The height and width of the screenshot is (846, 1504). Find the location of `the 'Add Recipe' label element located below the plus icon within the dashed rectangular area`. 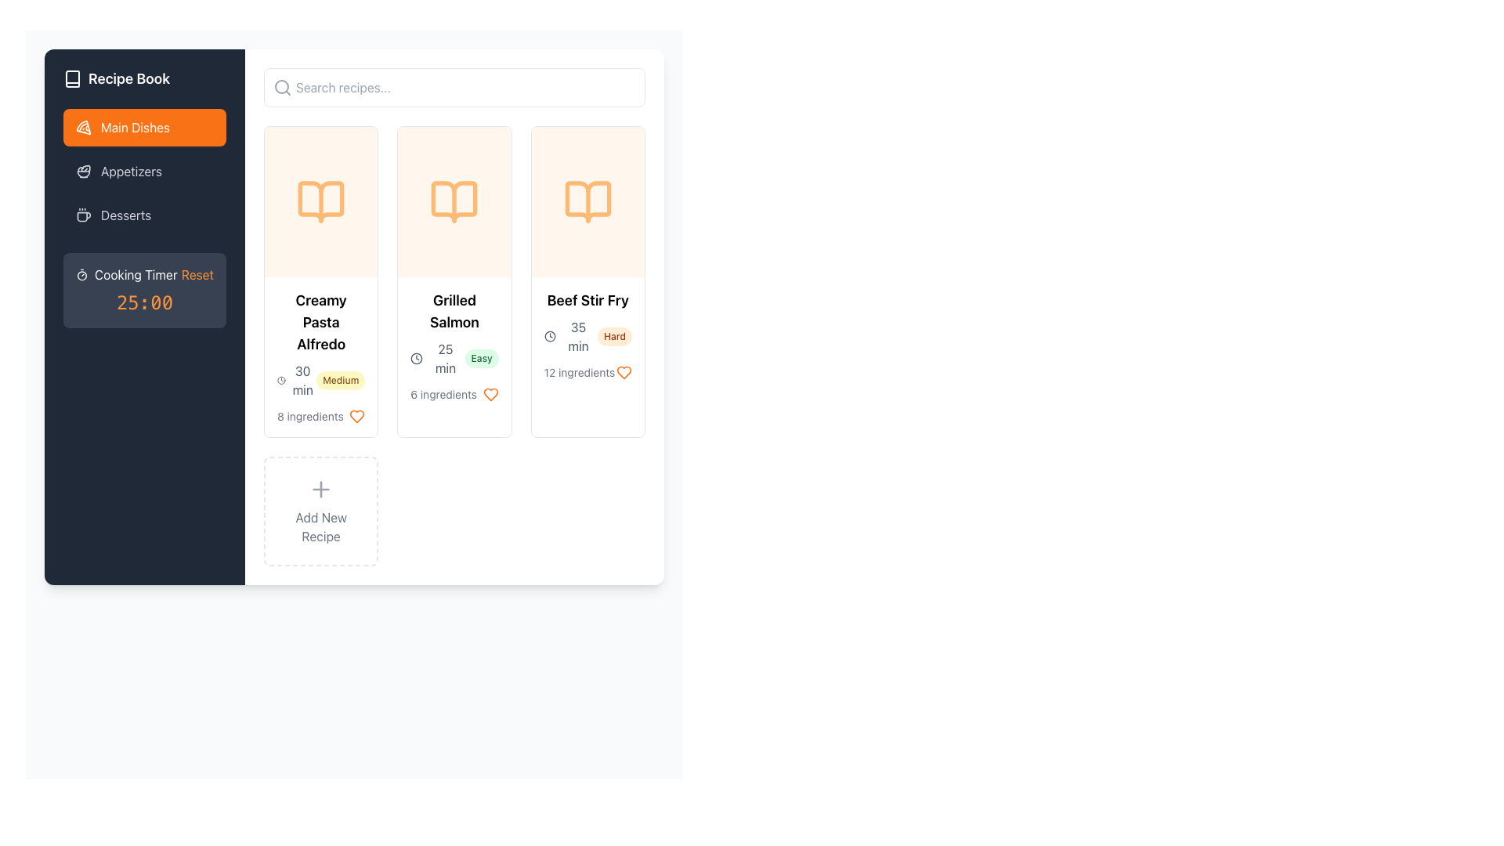

the 'Add Recipe' label element located below the plus icon within the dashed rectangular area is located at coordinates (320, 526).